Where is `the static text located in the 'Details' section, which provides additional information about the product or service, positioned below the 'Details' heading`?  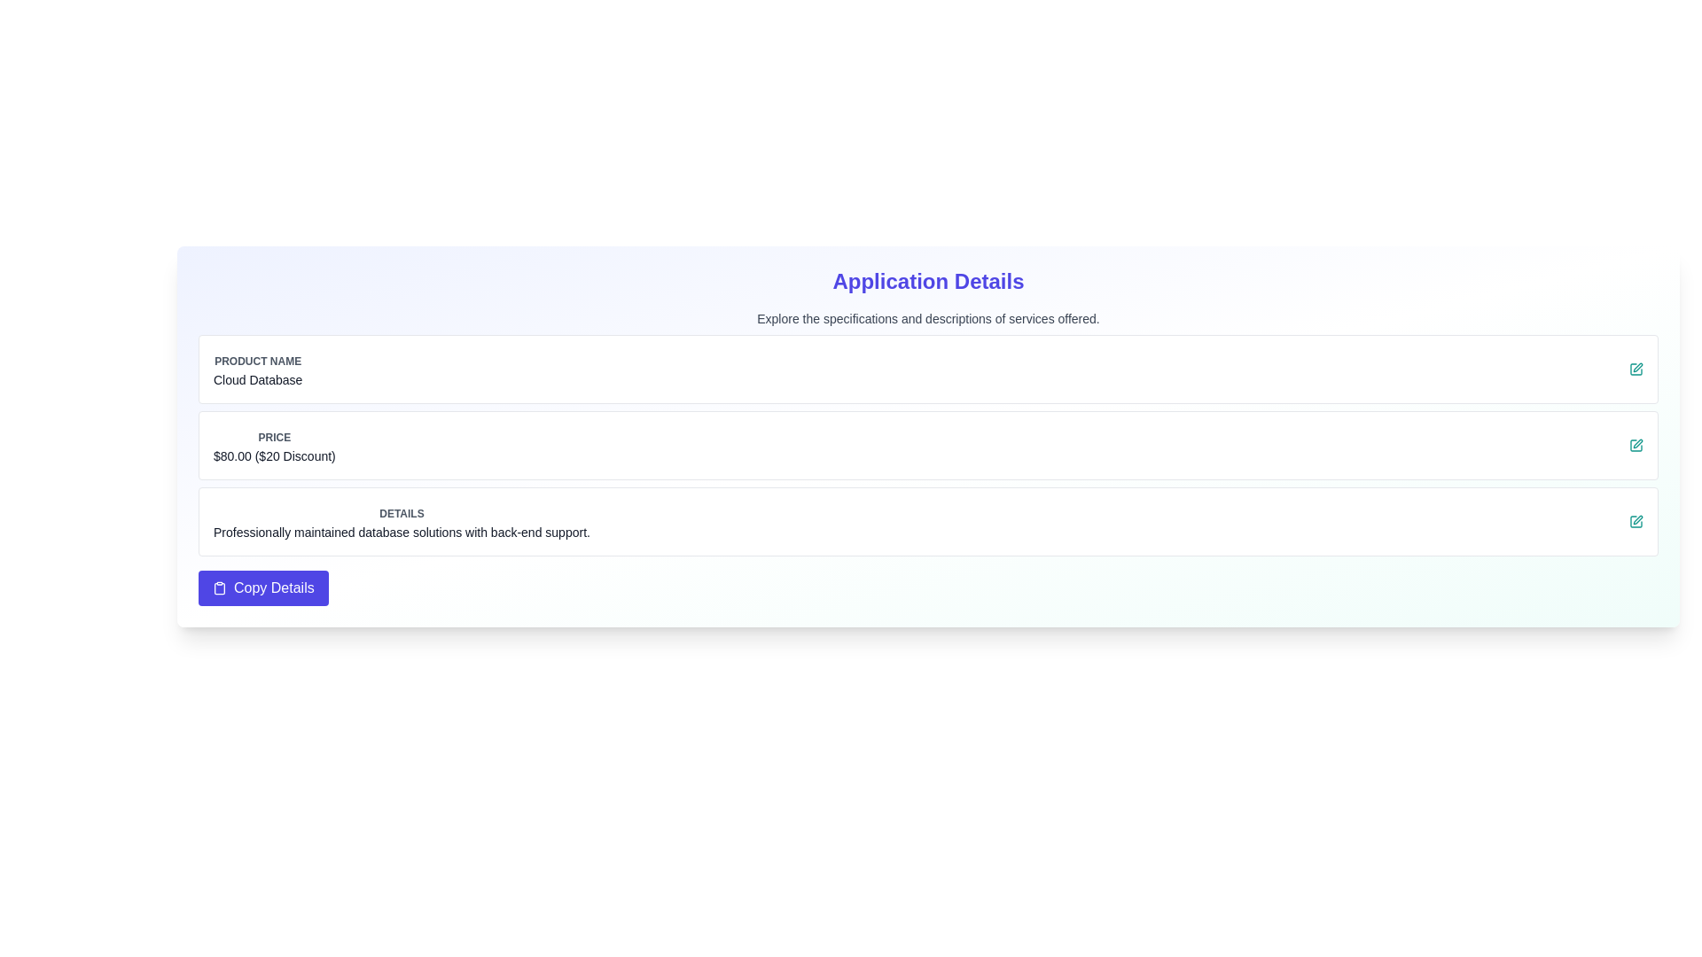 the static text located in the 'Details' section, which provides additional information about the product or service, positioned below the 'Details' heading is located at coordinates (401, 532).